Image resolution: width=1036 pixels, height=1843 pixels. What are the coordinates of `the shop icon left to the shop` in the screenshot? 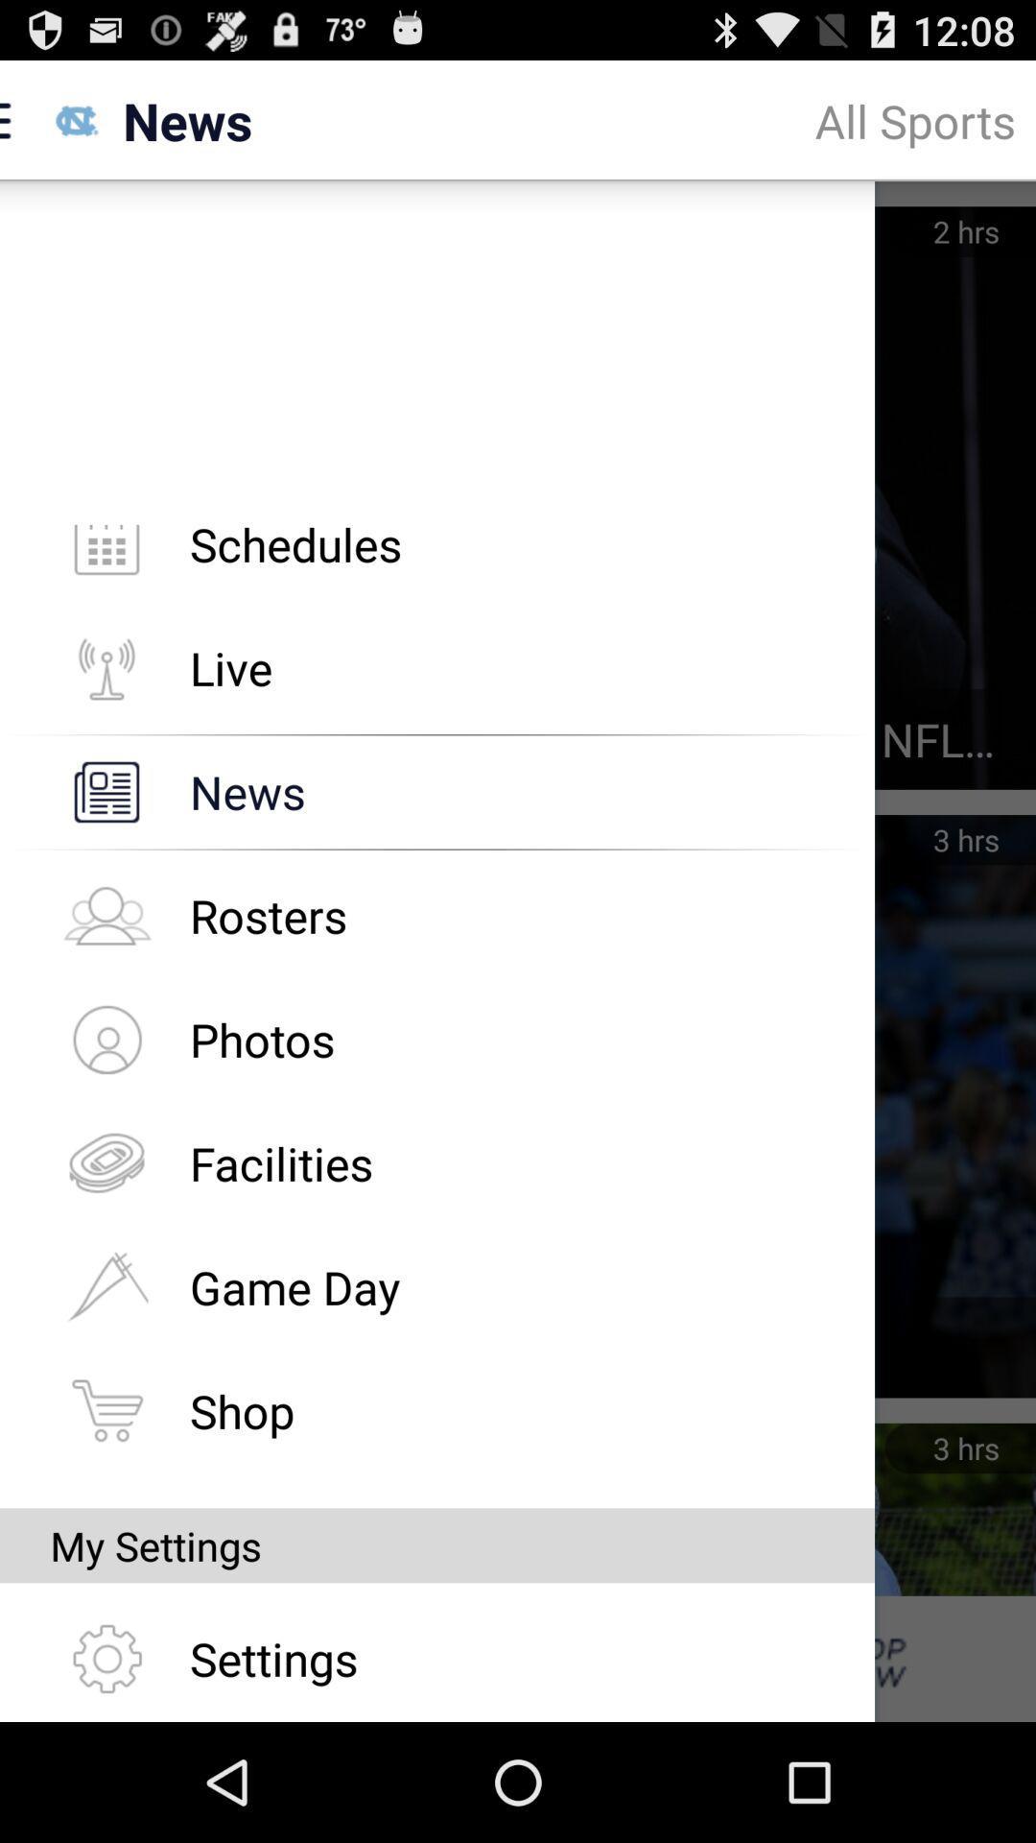 It's located at (106, 1411).